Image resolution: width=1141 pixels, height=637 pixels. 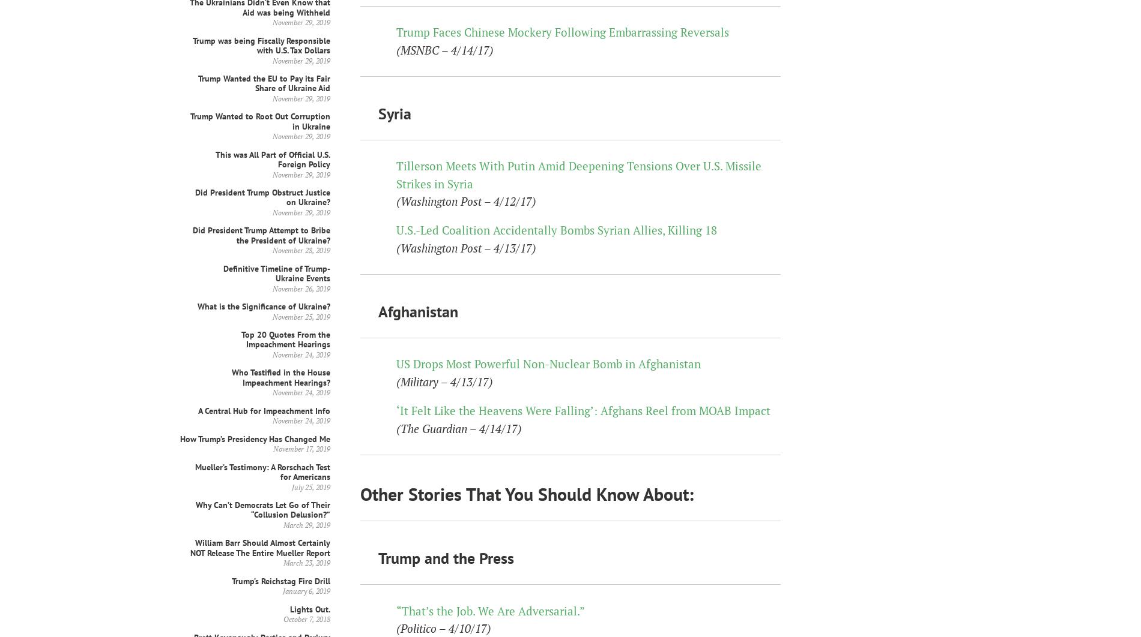 I want to click on 'Did President Trump Obstruct Justice on Ukraine?', so click(x=262, y=196).